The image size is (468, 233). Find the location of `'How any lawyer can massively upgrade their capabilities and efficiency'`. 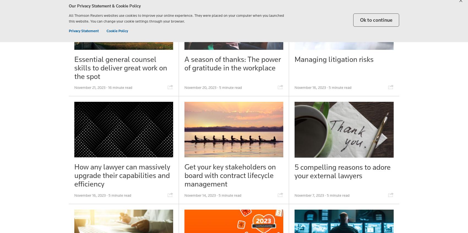

'How any lawyer can massively upgrade their capabilities and efficiency' is located at coordinates (122, 175).